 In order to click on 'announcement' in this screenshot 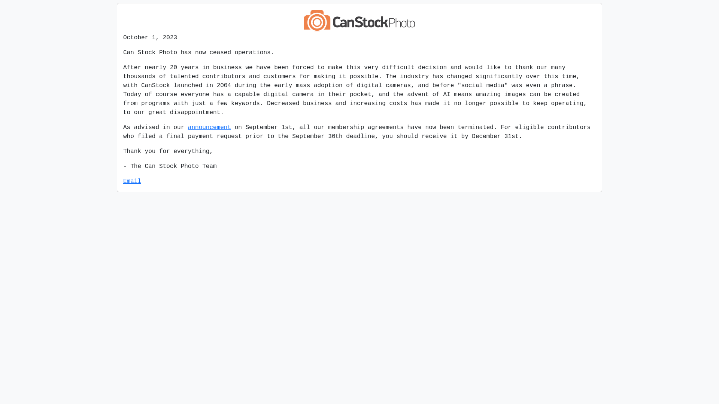, I will do `click(209, 127)`.